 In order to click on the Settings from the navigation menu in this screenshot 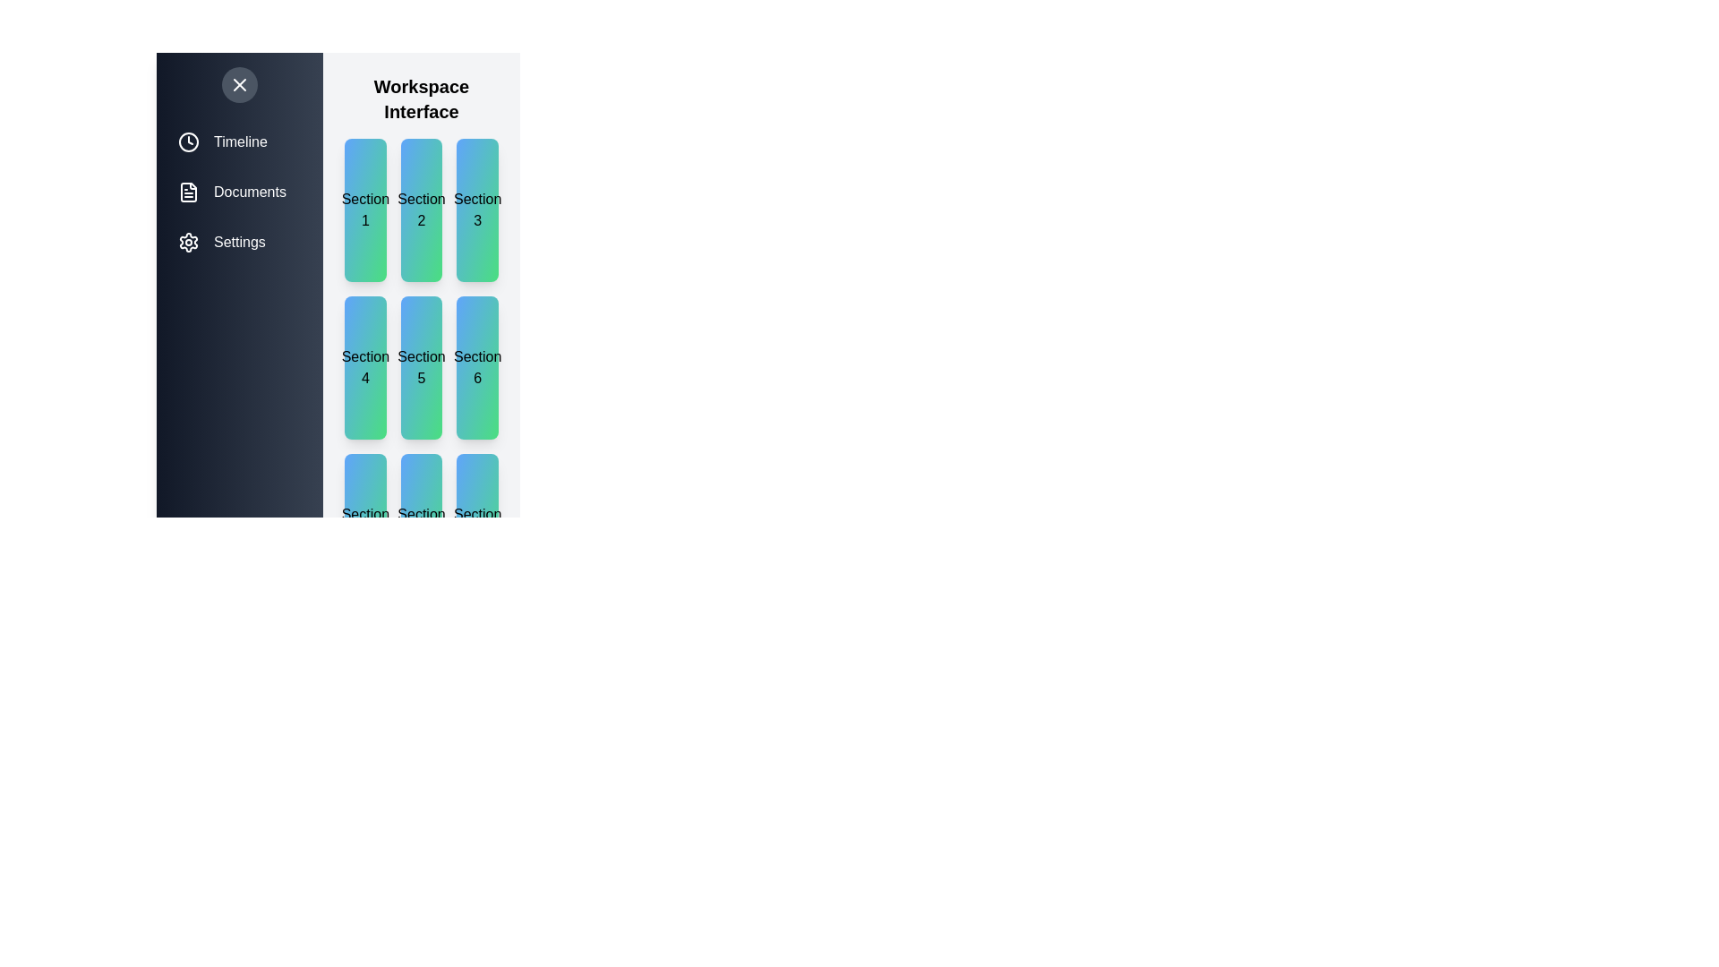, I will do `click(239, 242)`.